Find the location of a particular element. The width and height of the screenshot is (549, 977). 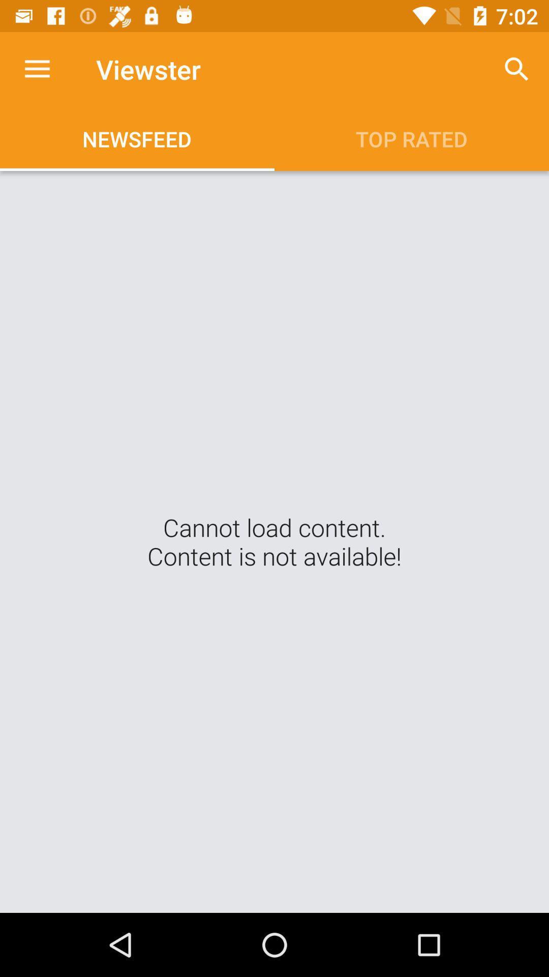

the app next to viewster app is located at coordinates (37, 69).